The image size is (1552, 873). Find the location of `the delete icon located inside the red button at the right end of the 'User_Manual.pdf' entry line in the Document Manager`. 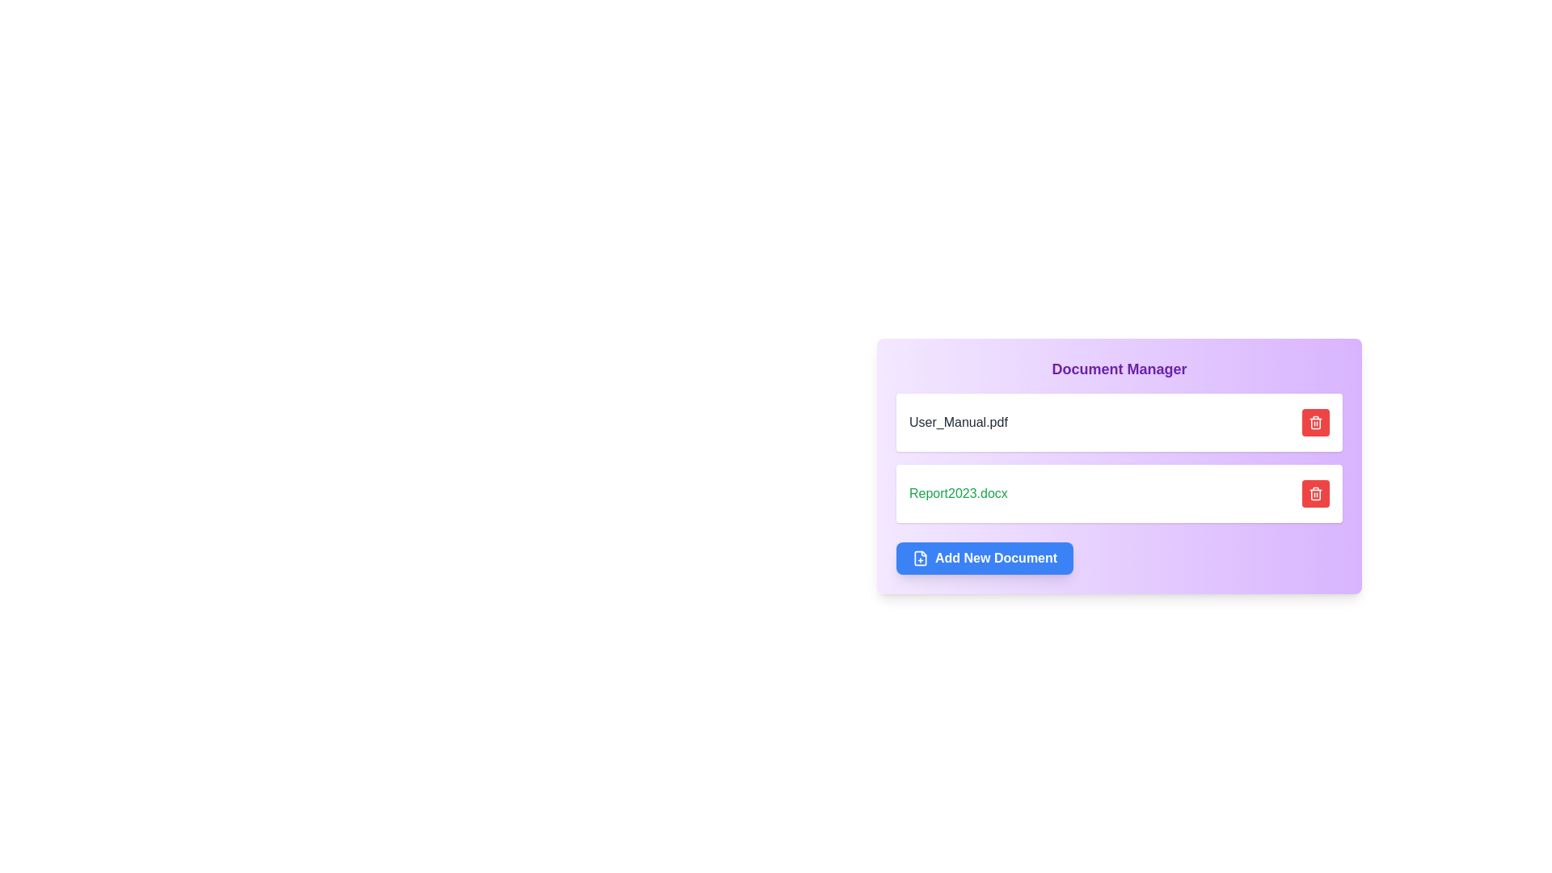

the delete icon located inside the red button at the right end of the 'User_Manual.pdf' entry line in the Document Manager is located at coordinates (1315, 422).